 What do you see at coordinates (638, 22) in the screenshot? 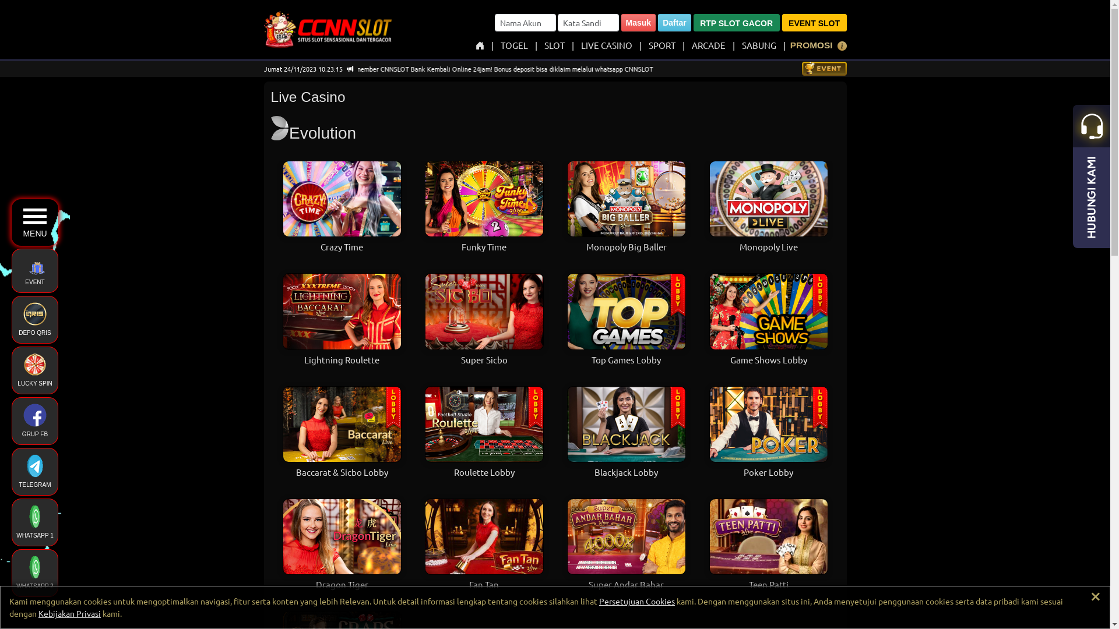
I see `'Masuk'` at bounding box center [638, 22].